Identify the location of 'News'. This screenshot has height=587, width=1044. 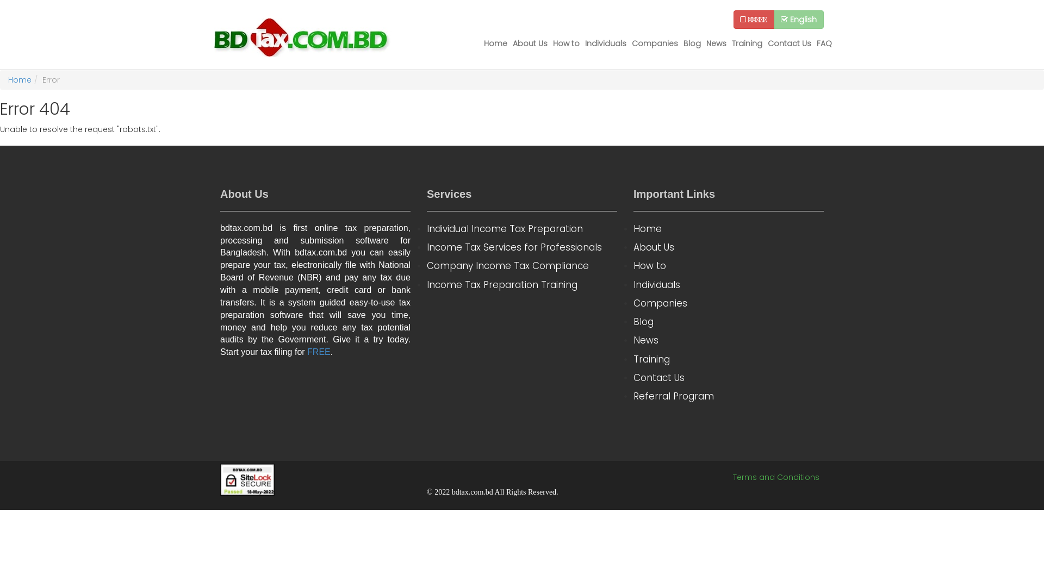
(728, 339).